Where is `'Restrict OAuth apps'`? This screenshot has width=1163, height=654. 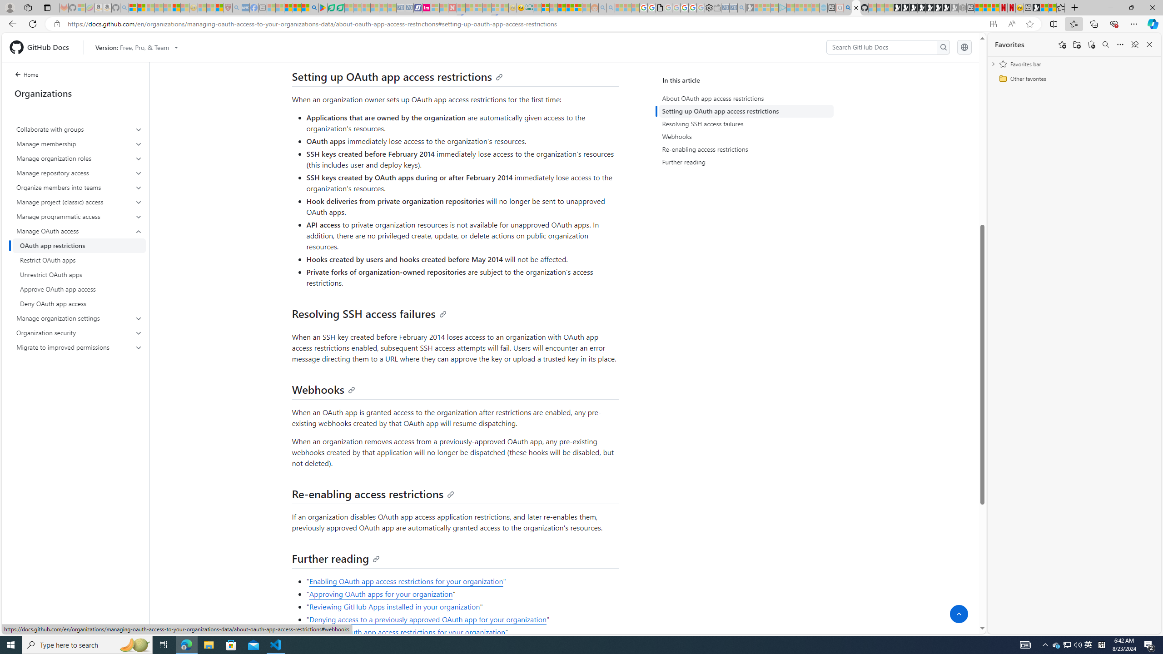 'Restrict OAuth apps' is located at coordinates (79, 260).